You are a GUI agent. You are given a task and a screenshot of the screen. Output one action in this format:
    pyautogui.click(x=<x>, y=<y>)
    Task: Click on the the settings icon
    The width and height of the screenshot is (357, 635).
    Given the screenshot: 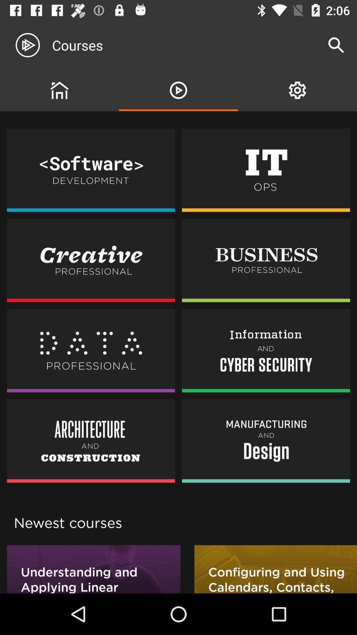 What is the action you would take?
    pyautogui.click(x=297, y=90)
    